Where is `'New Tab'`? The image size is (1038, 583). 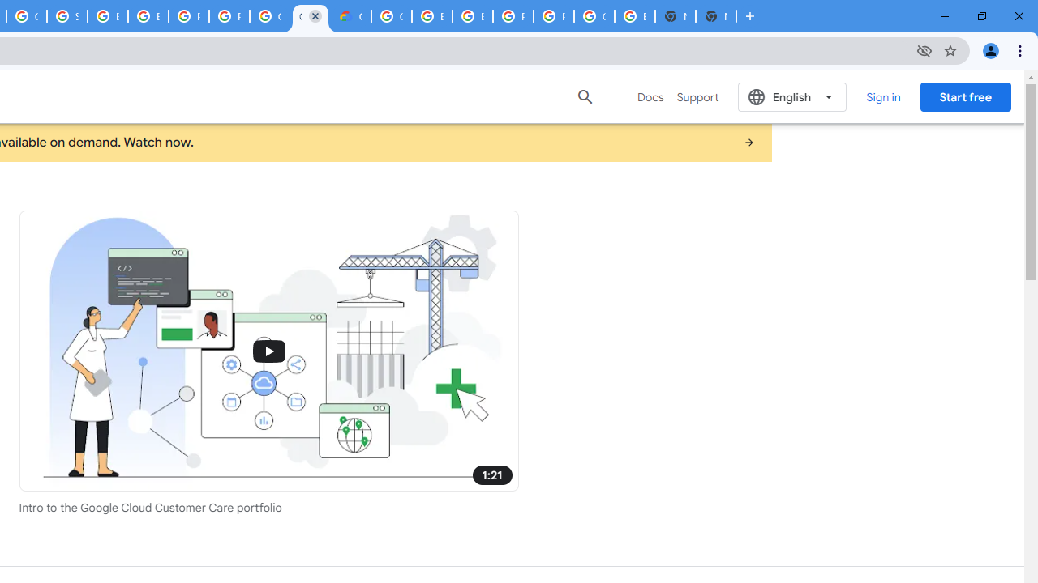
'New Tab' is located at coordinates (714, 16).